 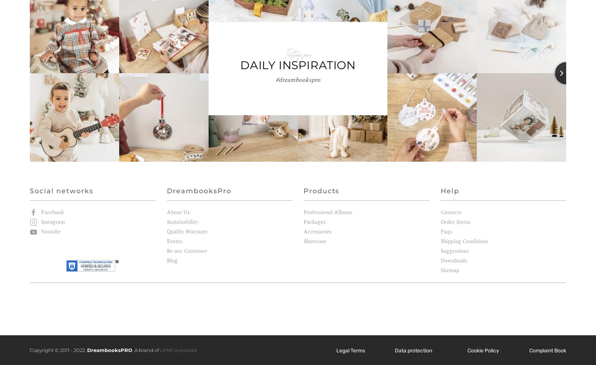 I want to click on 'Showcase', so click(x=314, y=240).